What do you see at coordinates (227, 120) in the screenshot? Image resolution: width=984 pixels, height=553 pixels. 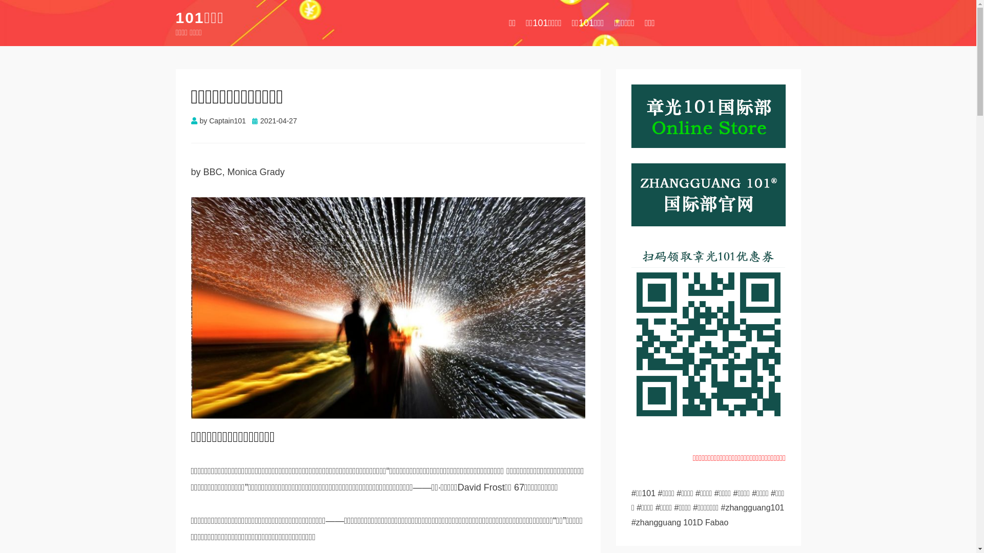 I see `'Captain101'` at bounding box center [227, 120].